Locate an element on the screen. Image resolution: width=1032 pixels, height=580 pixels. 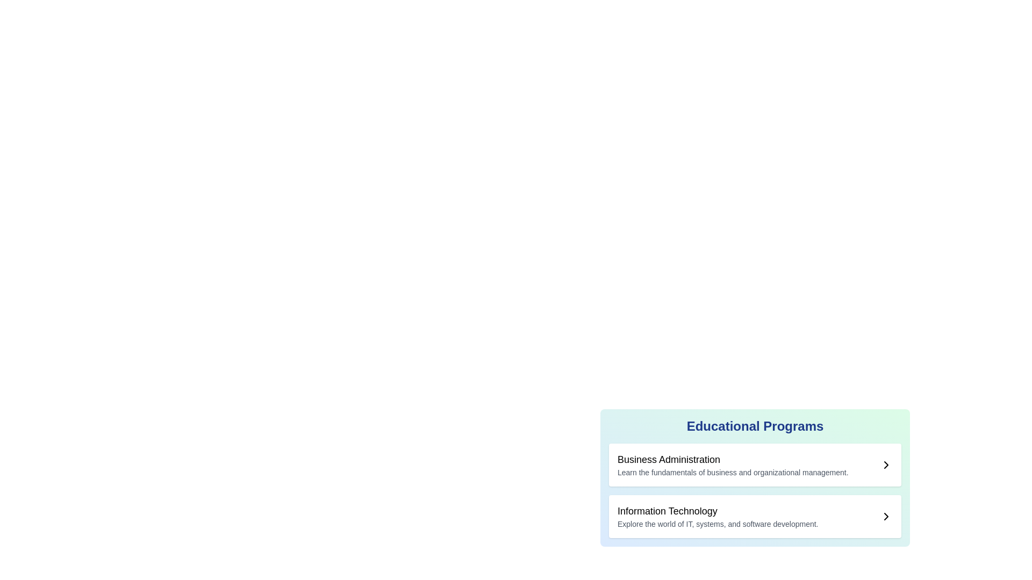
the right-facing chevron navigation icon located on the right side of the 'Business Administration' entry is located at coordinates (886, 465).